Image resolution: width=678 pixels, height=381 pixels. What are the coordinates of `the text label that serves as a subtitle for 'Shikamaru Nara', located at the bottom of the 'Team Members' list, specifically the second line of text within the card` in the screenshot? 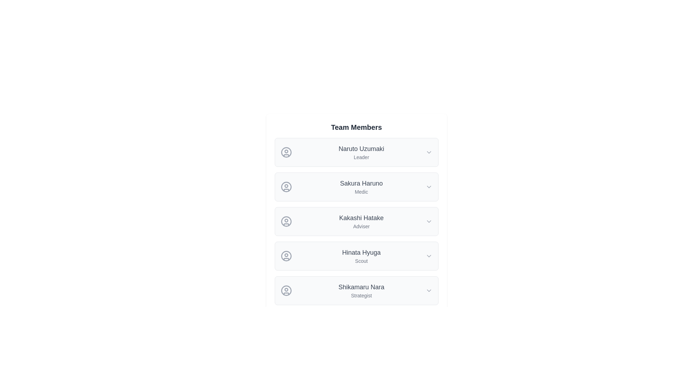 It's located at (361, 295).